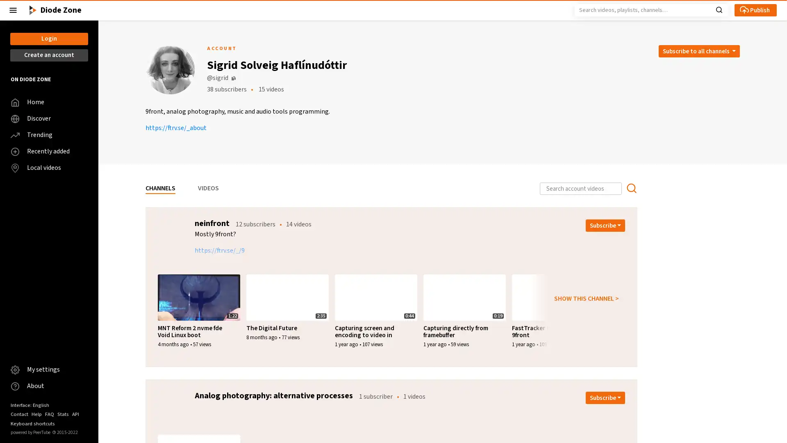  I want to click on Interface: English, so click(30, 404).